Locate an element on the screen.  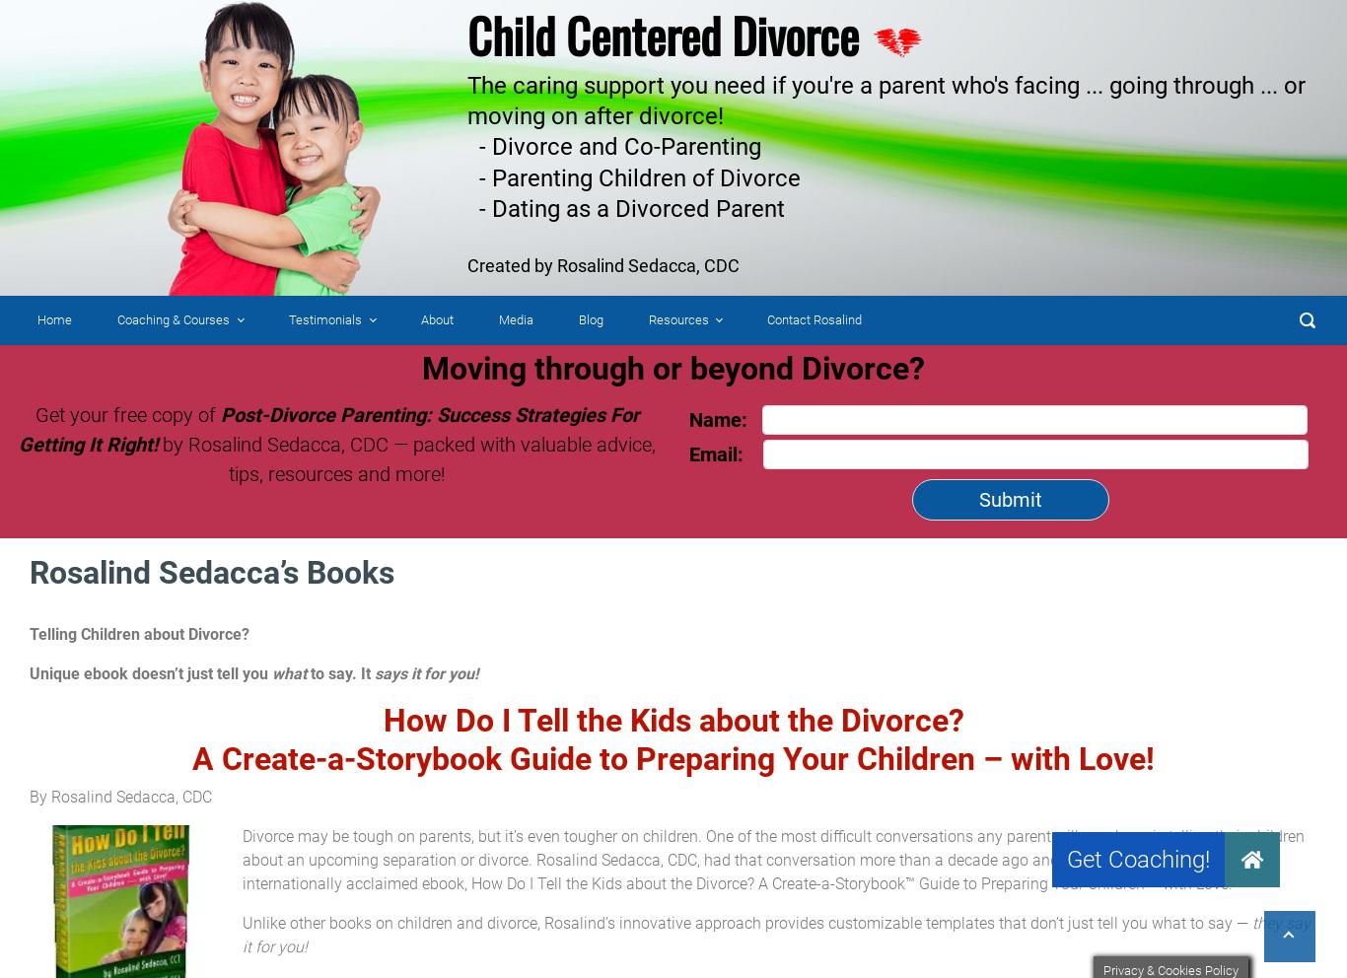
'Telling Children about Divorce?' is located at coordinates (30, 634).